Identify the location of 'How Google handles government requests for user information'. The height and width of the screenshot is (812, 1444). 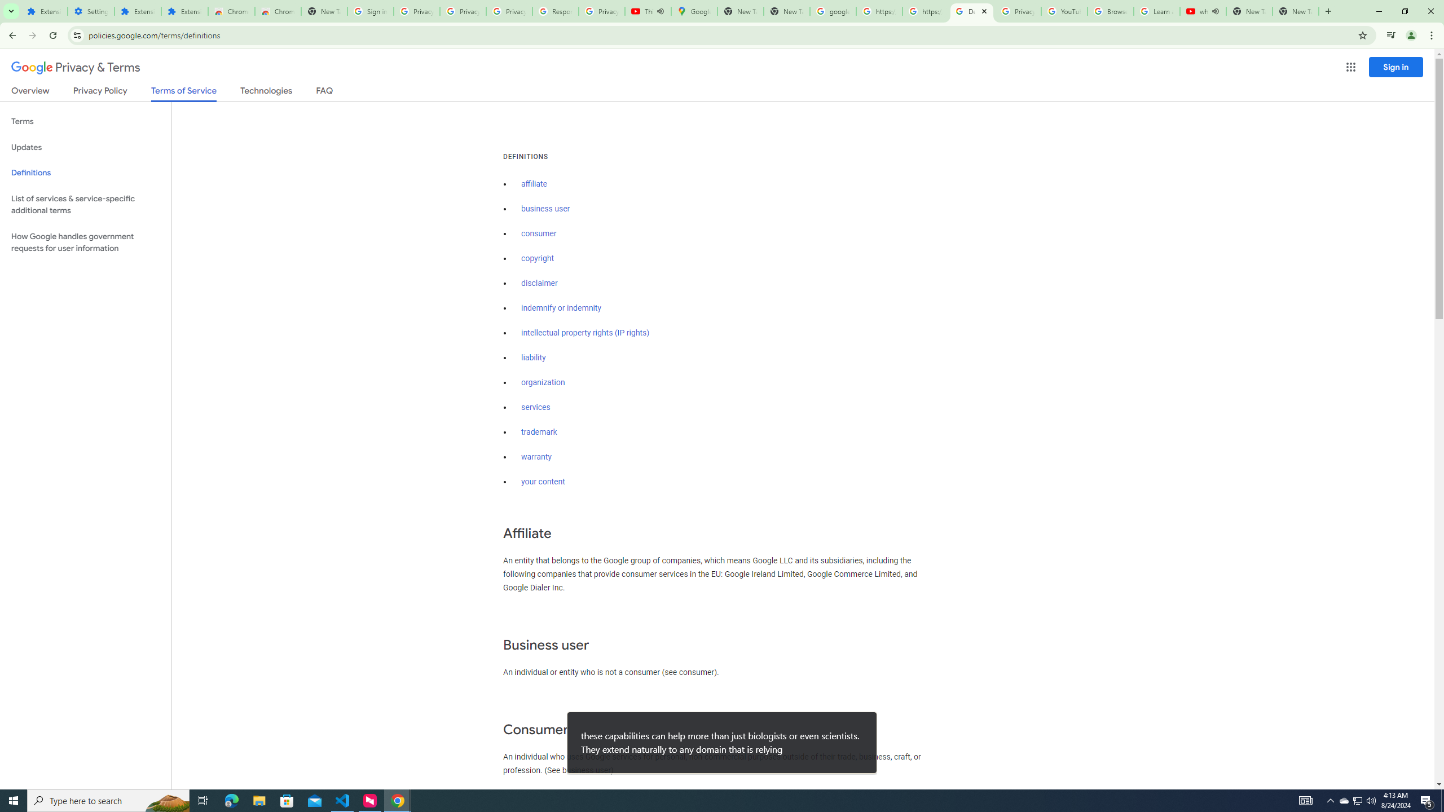
(85, 241).